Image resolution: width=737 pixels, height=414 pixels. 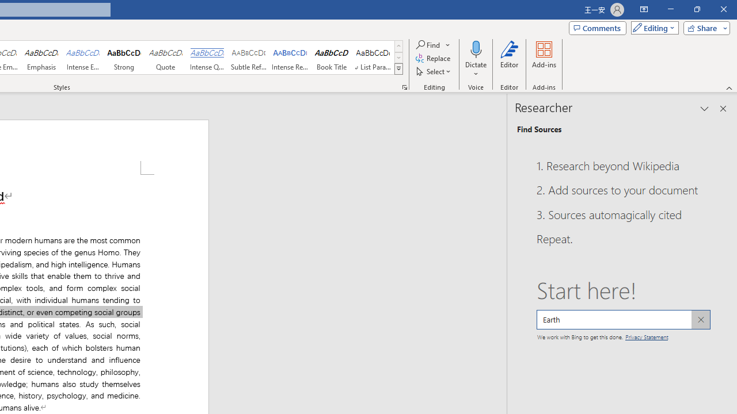 I want to click on 'Restore Down', so click(x=696, y=9).